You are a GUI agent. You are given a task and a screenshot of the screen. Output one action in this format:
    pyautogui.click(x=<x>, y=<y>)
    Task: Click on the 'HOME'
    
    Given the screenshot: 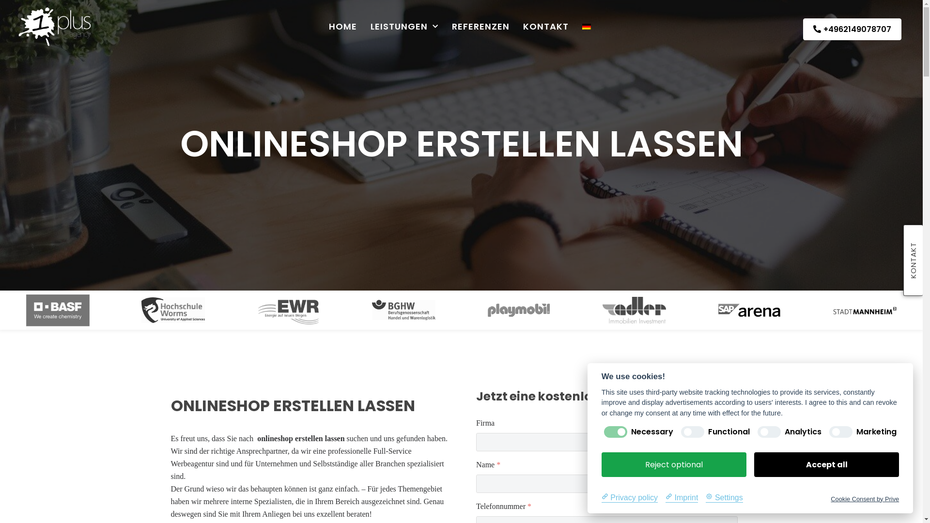 What is the action you would take?
    pyautogui.click(x=343, y=26)
    